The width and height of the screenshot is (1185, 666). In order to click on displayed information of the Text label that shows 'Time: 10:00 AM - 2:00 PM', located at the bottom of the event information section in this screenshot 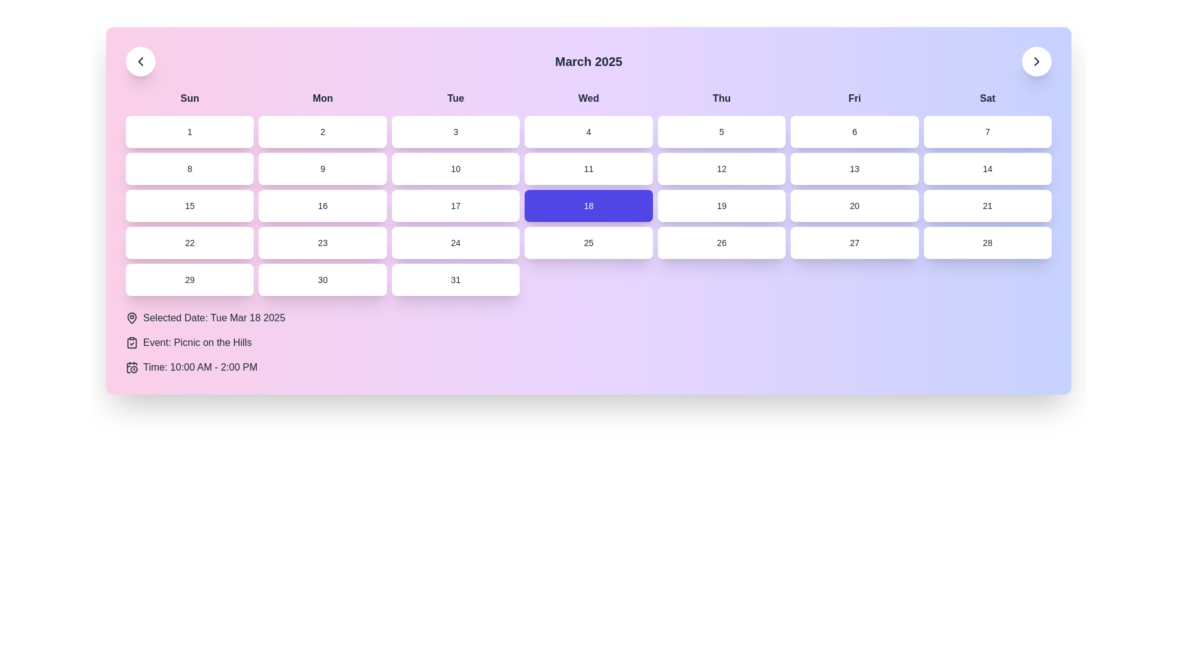, I will do `click(200, 367)`.